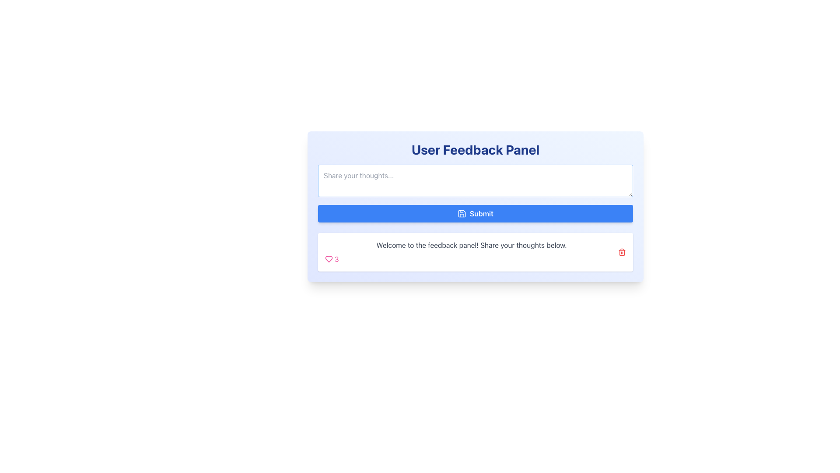 The image size is (840, 473). Describe the element at coordinates (329, 258) in the screenshot. I see `the geometric heart-shaped icon outlined in light gray, located next to the red and white number three in the feedback panel` at that location.